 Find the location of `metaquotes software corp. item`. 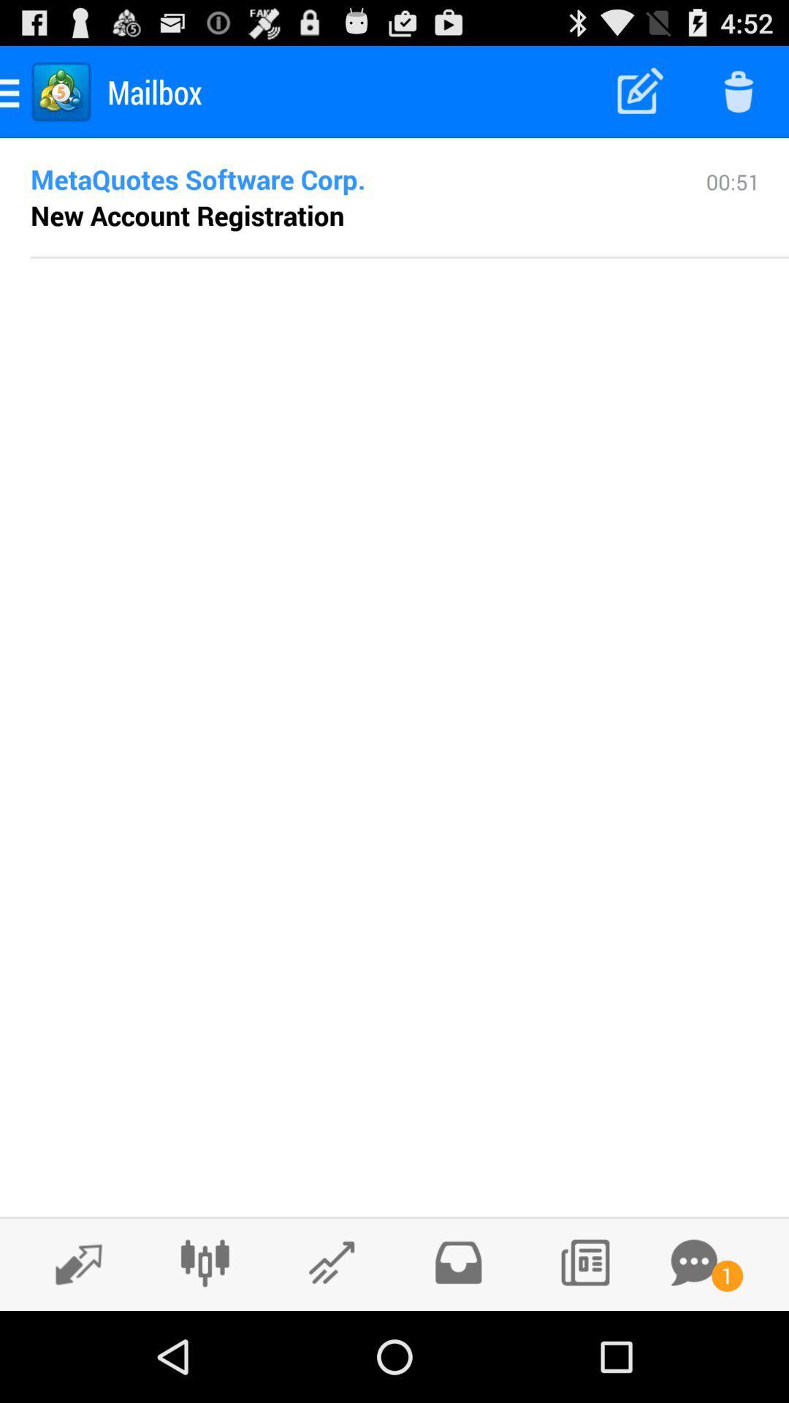

metaquotes software corp. item is located at coordinates (345, 178).